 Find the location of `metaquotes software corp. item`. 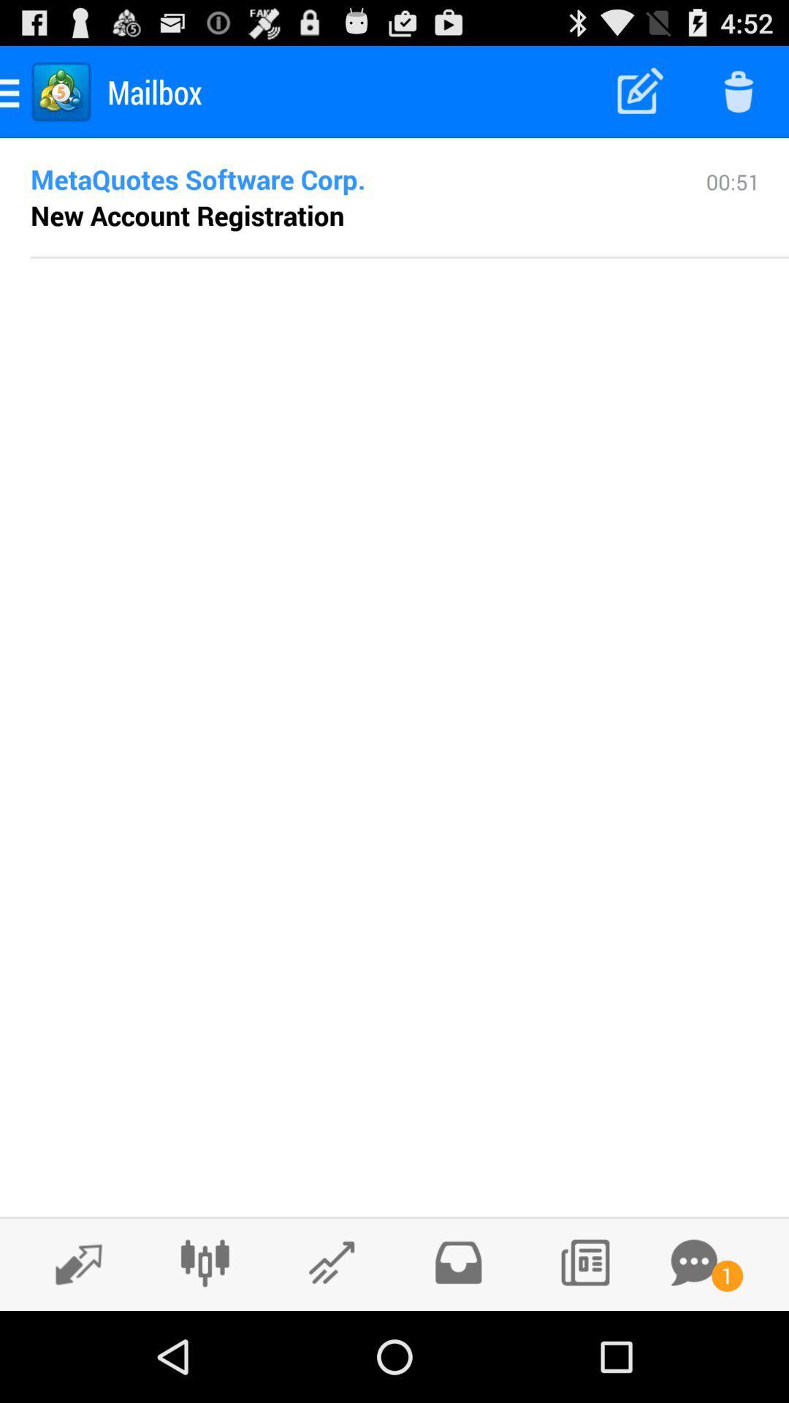

metaquotes software corp. item is located at coordinates (345, 178).